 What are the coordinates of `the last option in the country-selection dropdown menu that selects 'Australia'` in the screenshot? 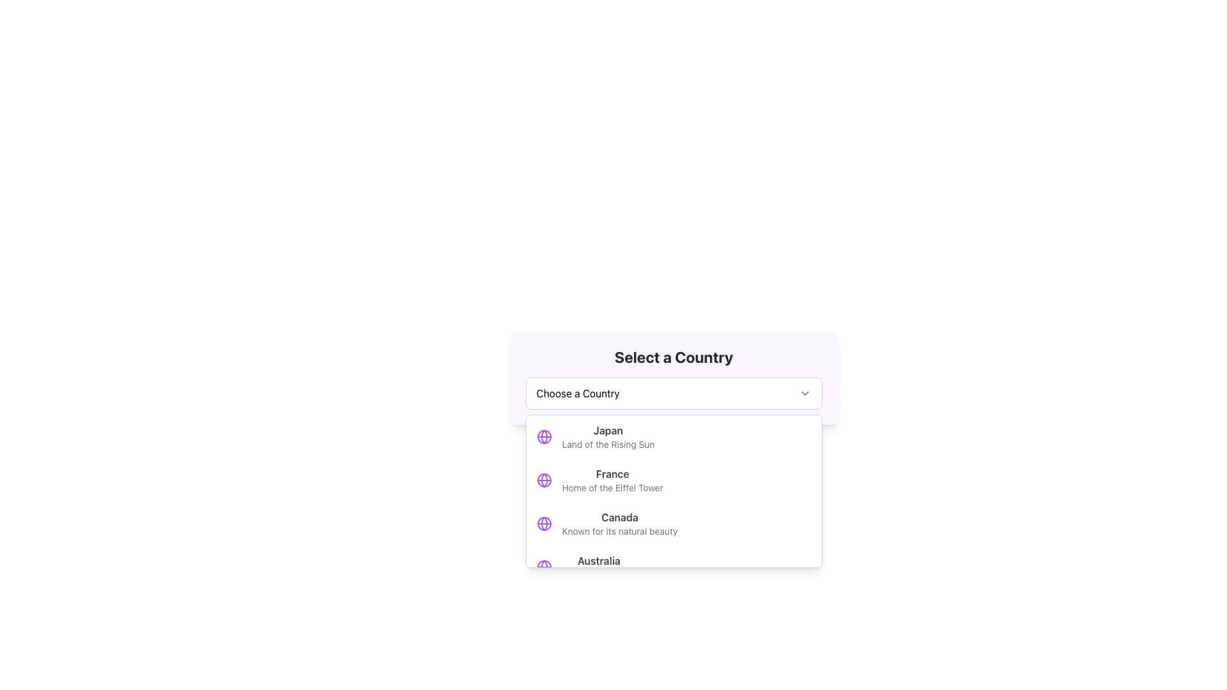 It's located at (598, 566).